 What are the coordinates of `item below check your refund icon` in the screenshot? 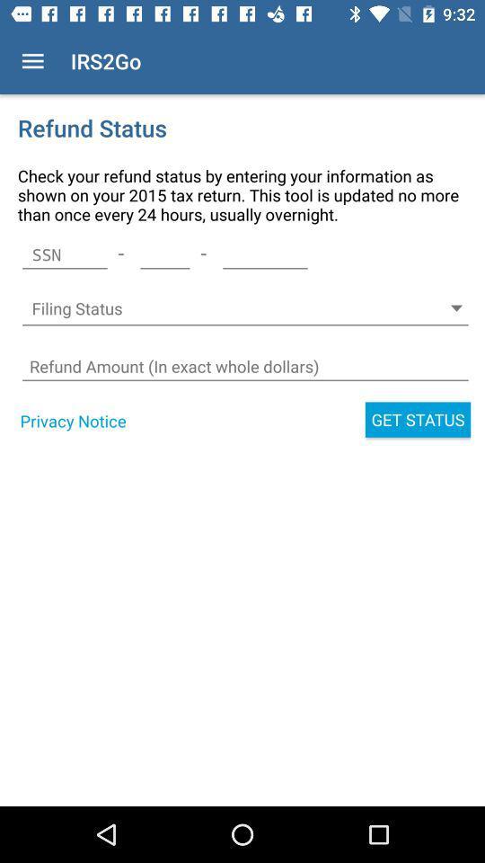 It's located at (264, 254).